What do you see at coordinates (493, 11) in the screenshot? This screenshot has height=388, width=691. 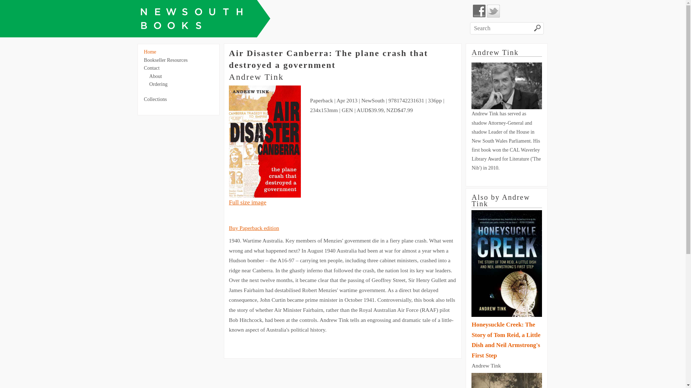 I see `'Twitter'` at bounding box center [493, 11].